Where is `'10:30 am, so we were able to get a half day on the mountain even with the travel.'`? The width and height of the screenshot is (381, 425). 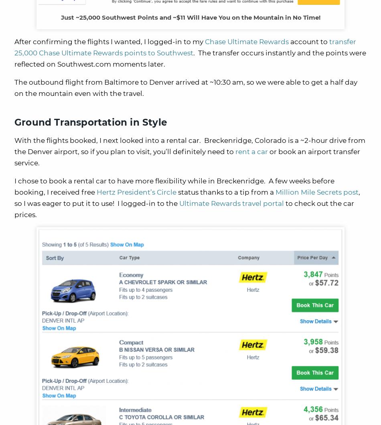 '10:30 am, so we were able to get a half day on the mountain even with the travel.' is located at coordinates (185, 87).